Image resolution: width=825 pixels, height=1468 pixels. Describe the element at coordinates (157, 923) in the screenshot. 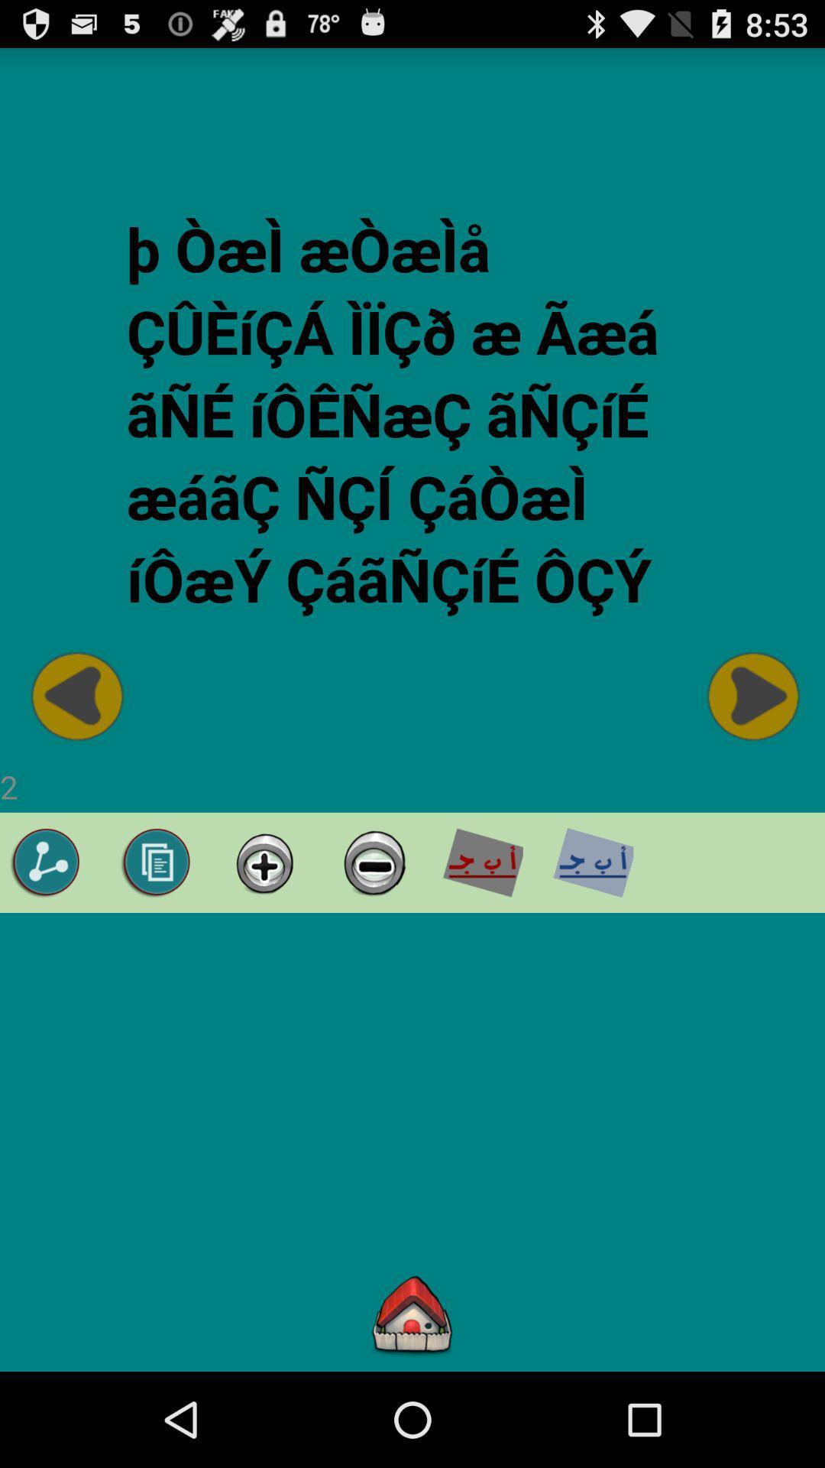

I see `the copy icon` at that location.